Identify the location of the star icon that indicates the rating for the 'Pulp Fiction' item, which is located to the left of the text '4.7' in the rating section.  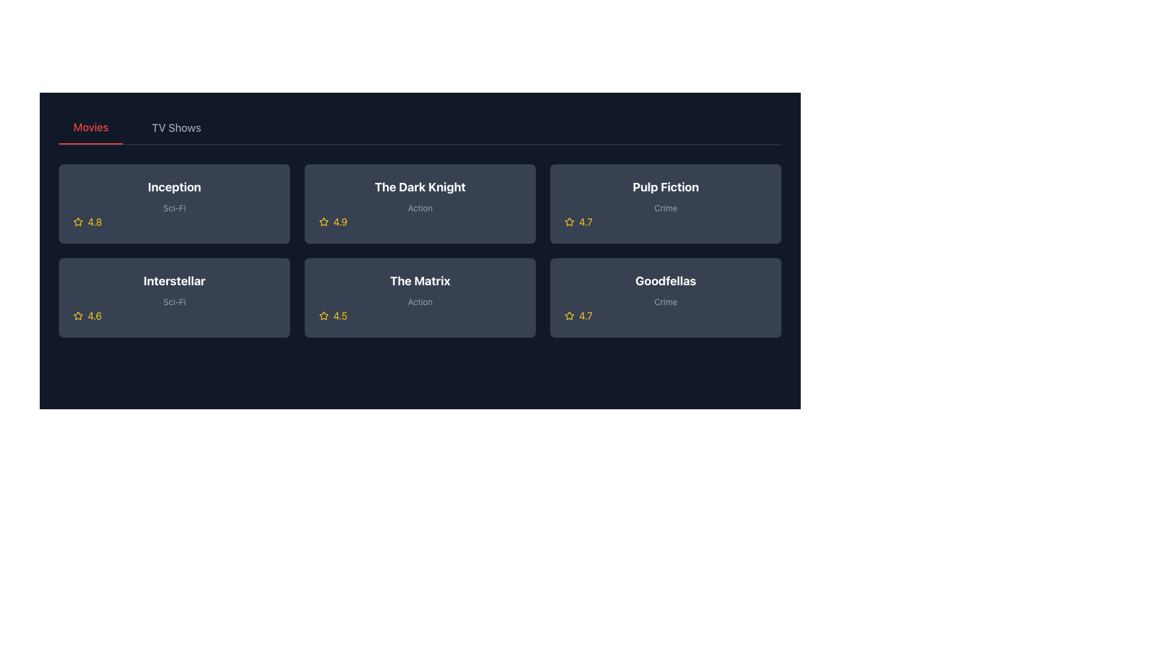
(568, 222).